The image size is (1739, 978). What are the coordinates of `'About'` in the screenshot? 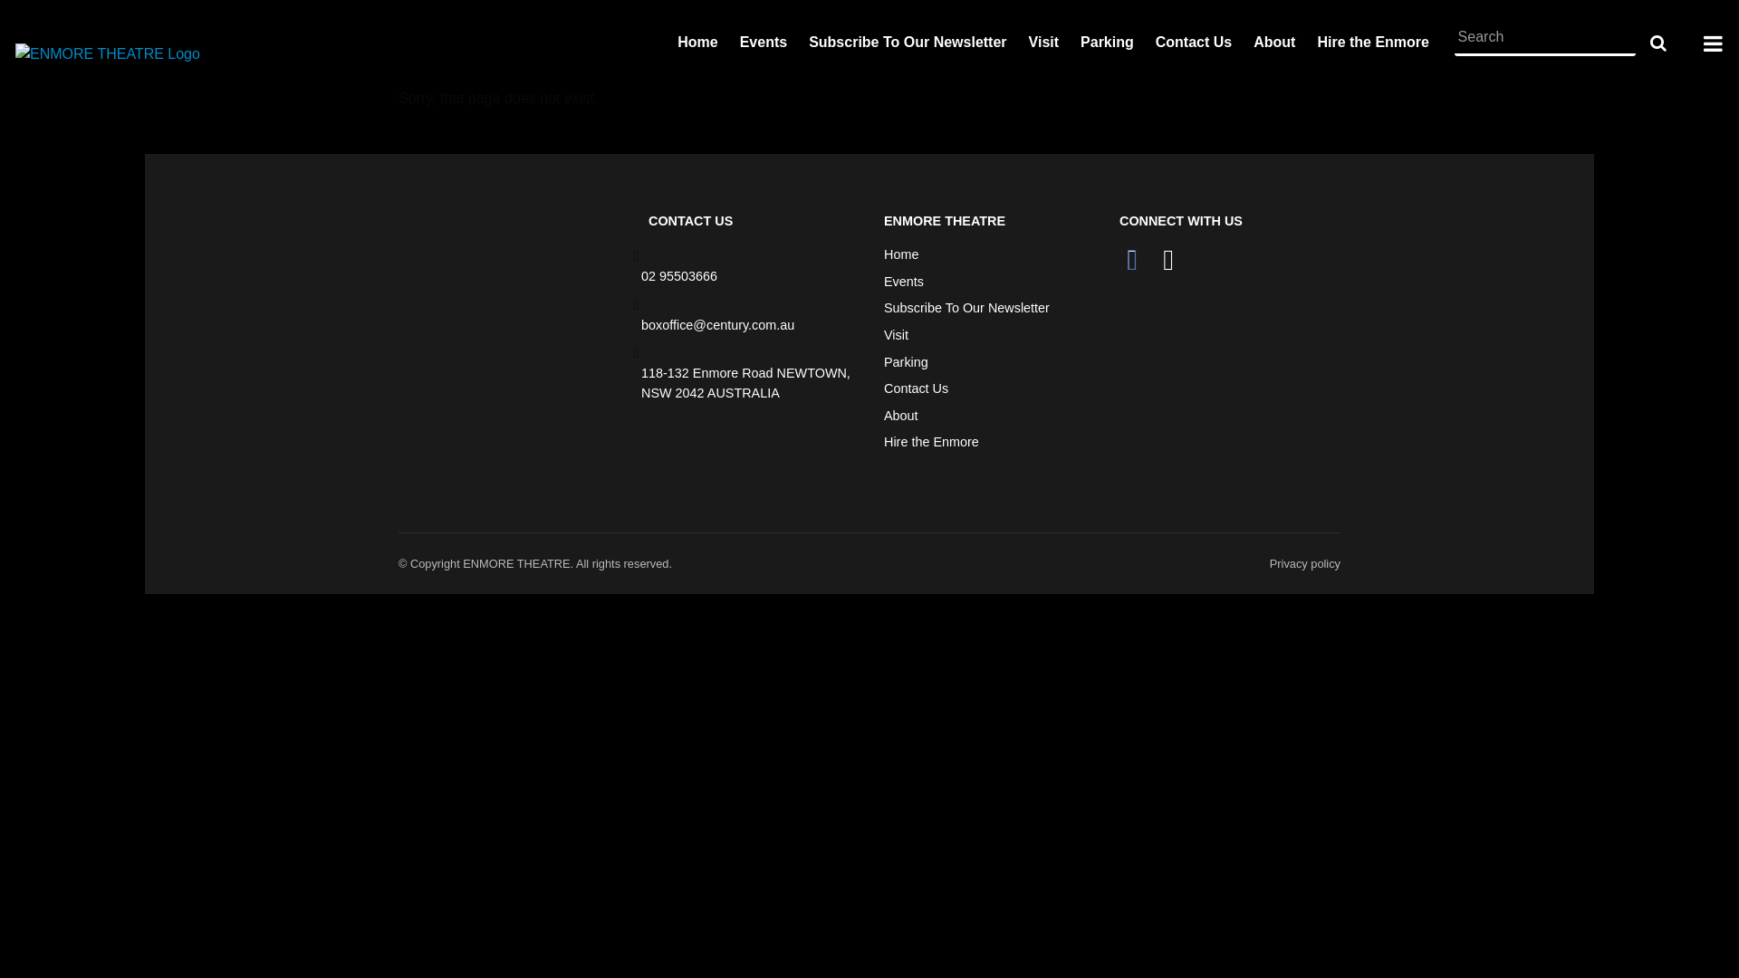 It's located at (900, 416).